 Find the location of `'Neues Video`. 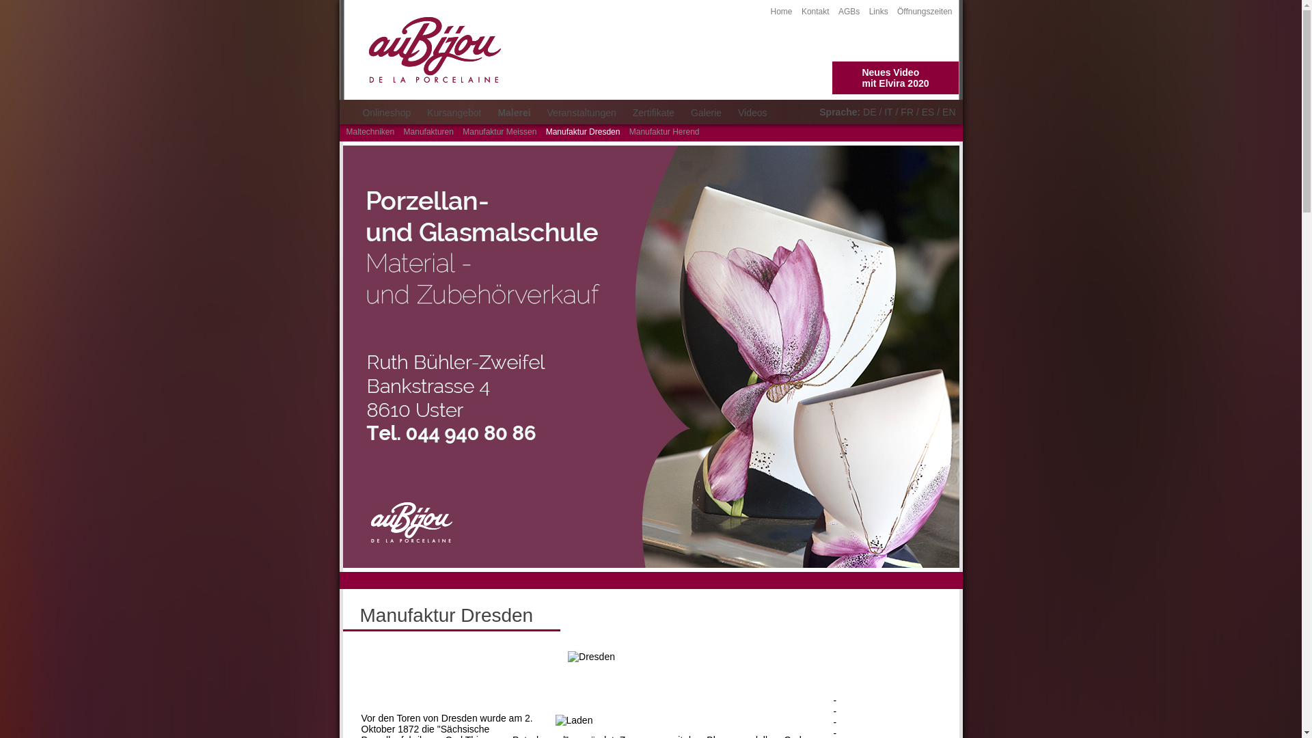

'Neues Video is located at coordinates (895, 78).